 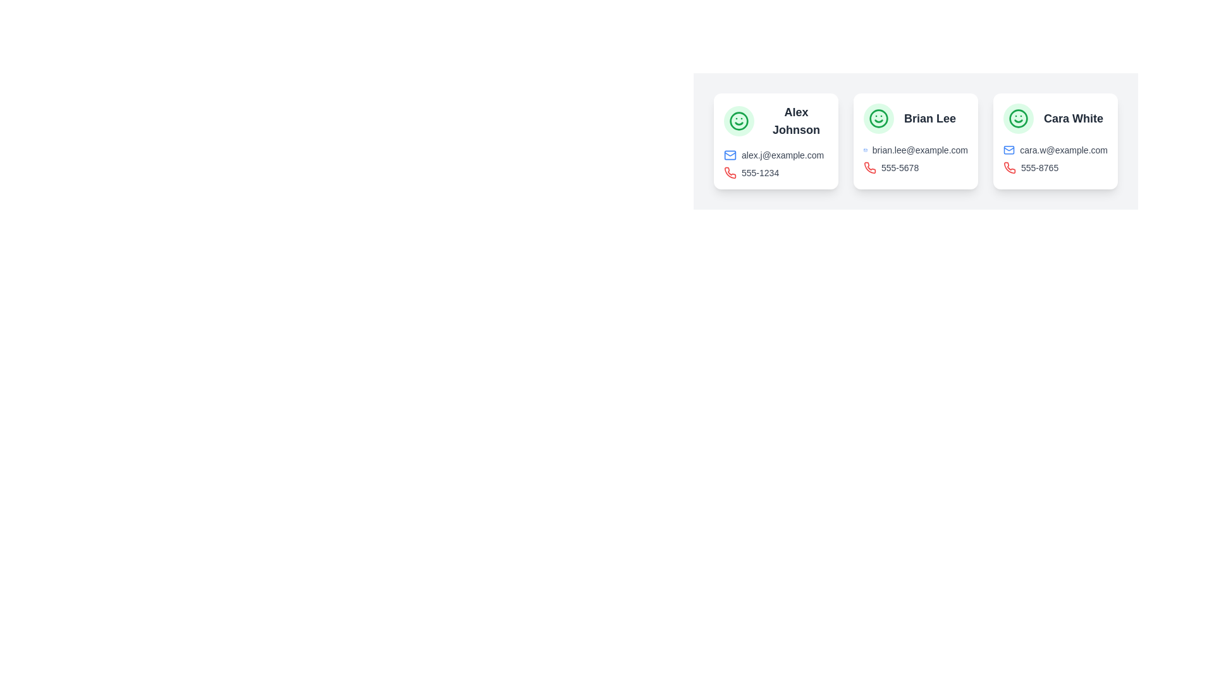 I want to click on the text label that serves as the title for the rightmost card in a row of three cards, which identifies specific individual's contact information, so click(x=1055, y=119).